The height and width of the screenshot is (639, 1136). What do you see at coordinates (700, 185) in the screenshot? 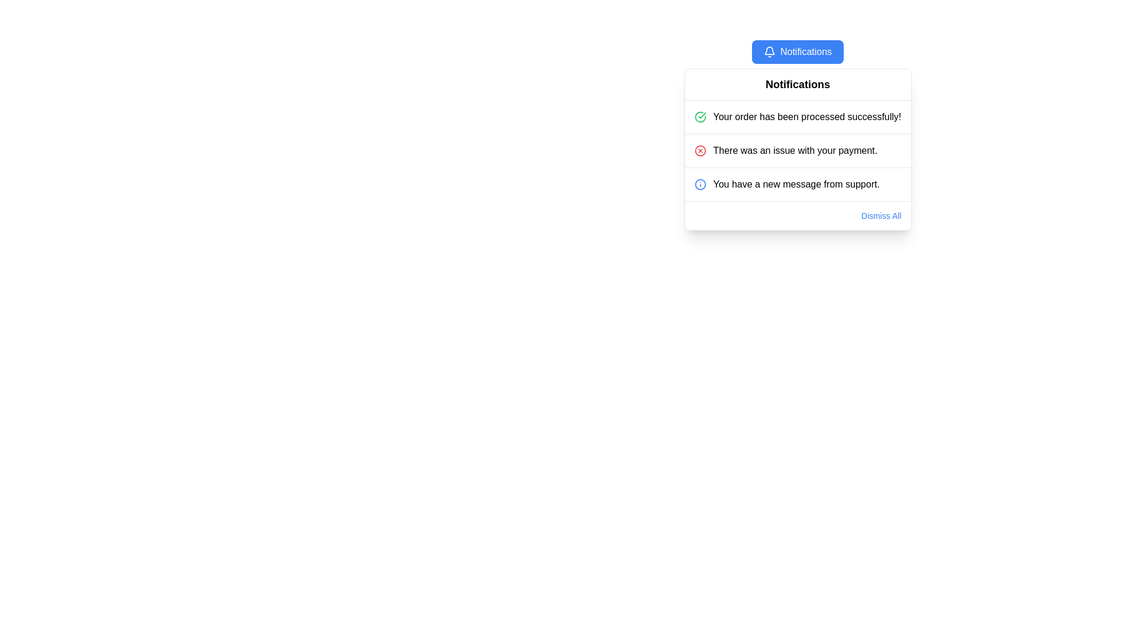
I see `the circular blue outlined icon featuring a centered exclamation mark to view details of the notification regarding a new message from support` at bounding box center [700, 185].